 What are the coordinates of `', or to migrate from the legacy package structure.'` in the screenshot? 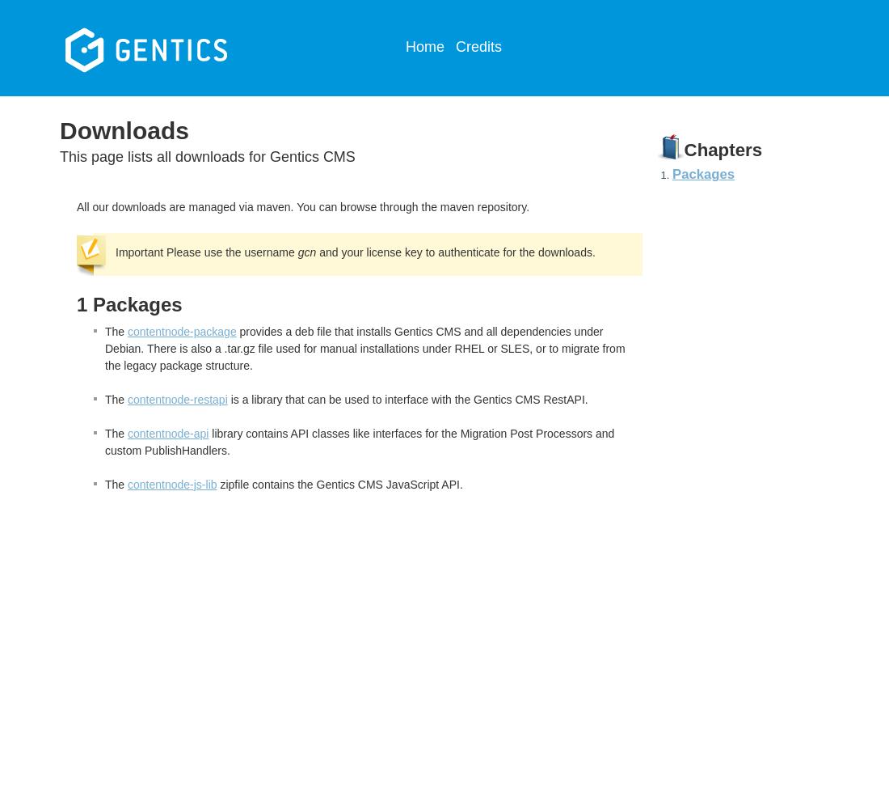 It's located at (364, 355).